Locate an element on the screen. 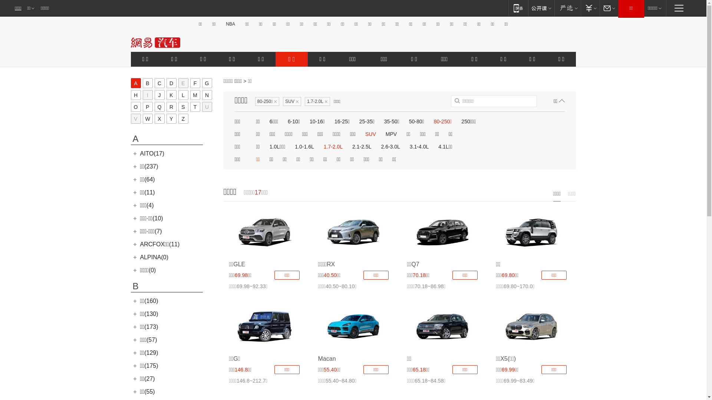 Image resolution: width=712 pixels, height=400 pixels. 'T' is located at coordinates (190, 107).